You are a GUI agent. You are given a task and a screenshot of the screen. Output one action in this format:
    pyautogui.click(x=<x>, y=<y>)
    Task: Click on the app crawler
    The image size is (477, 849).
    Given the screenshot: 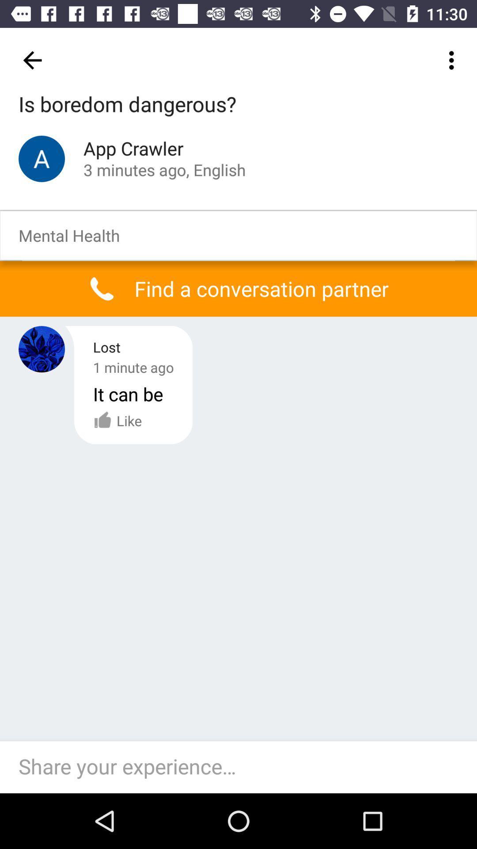 What is the action you would take?
    pyautogui.click(x=42, y=159)
    